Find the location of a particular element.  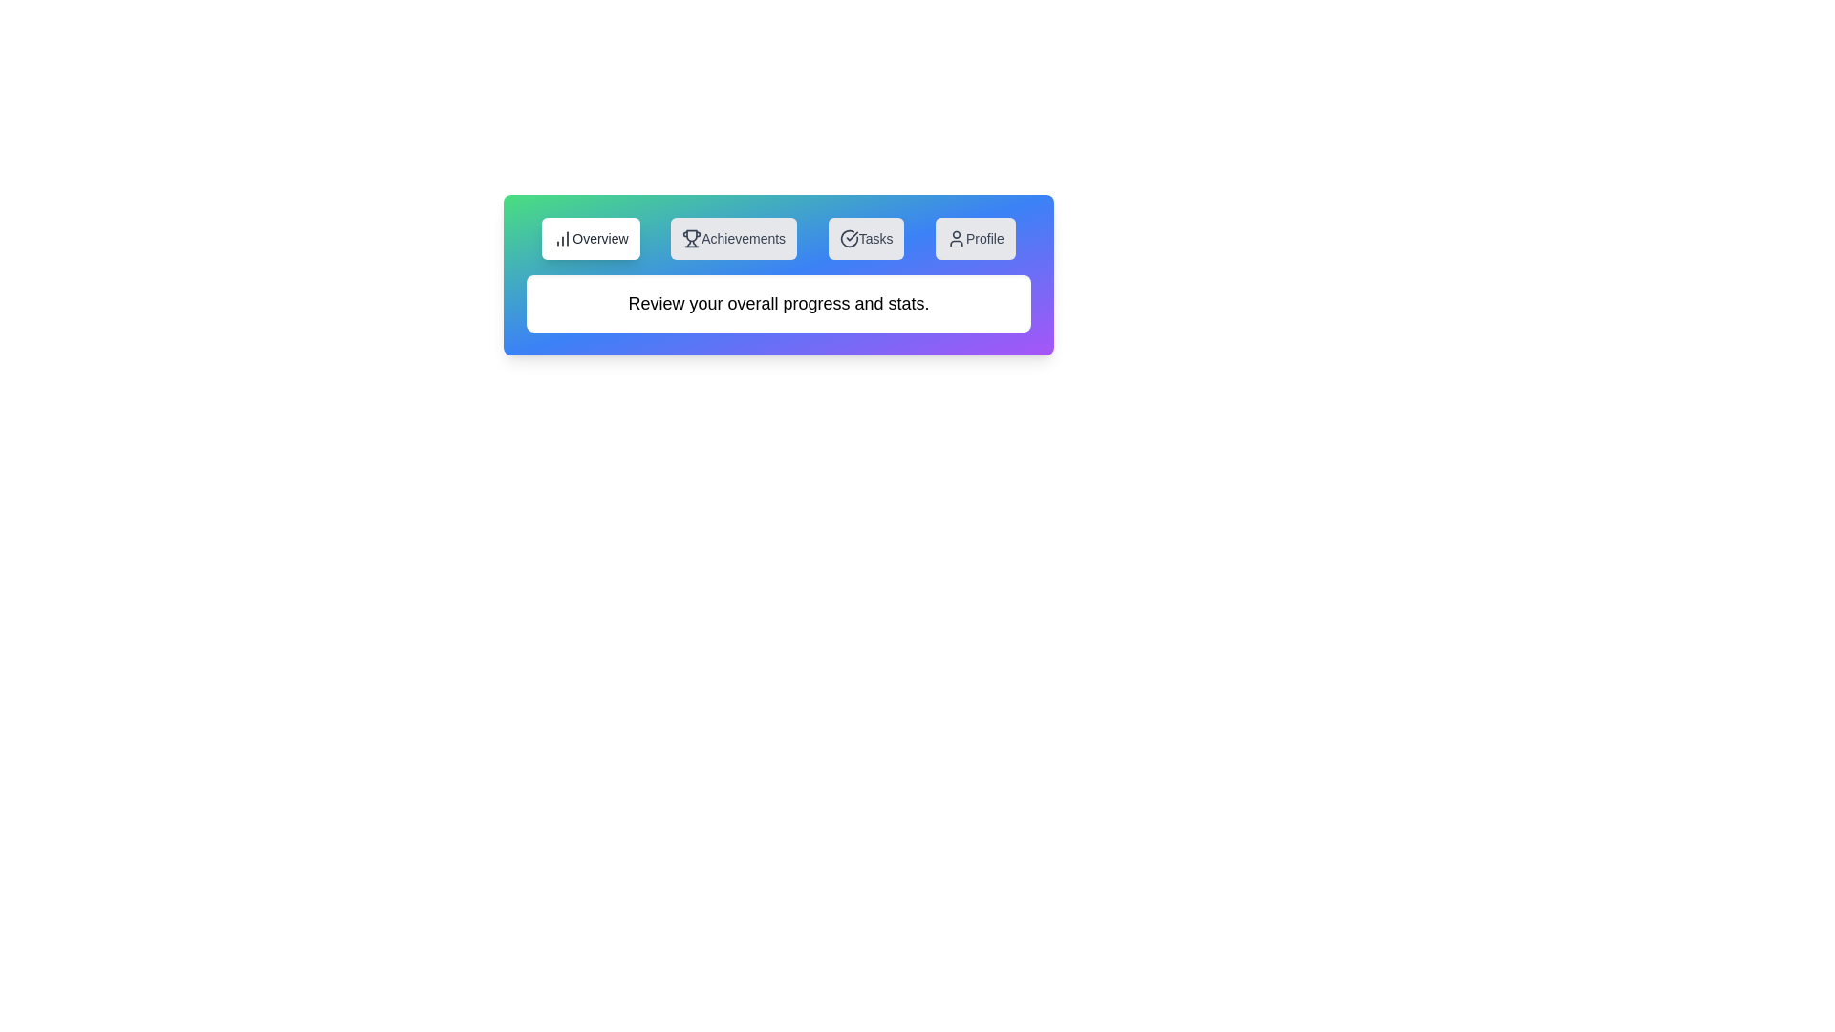

the tab labeled Overview to switch to that tab is located at coordinates (590, 238).